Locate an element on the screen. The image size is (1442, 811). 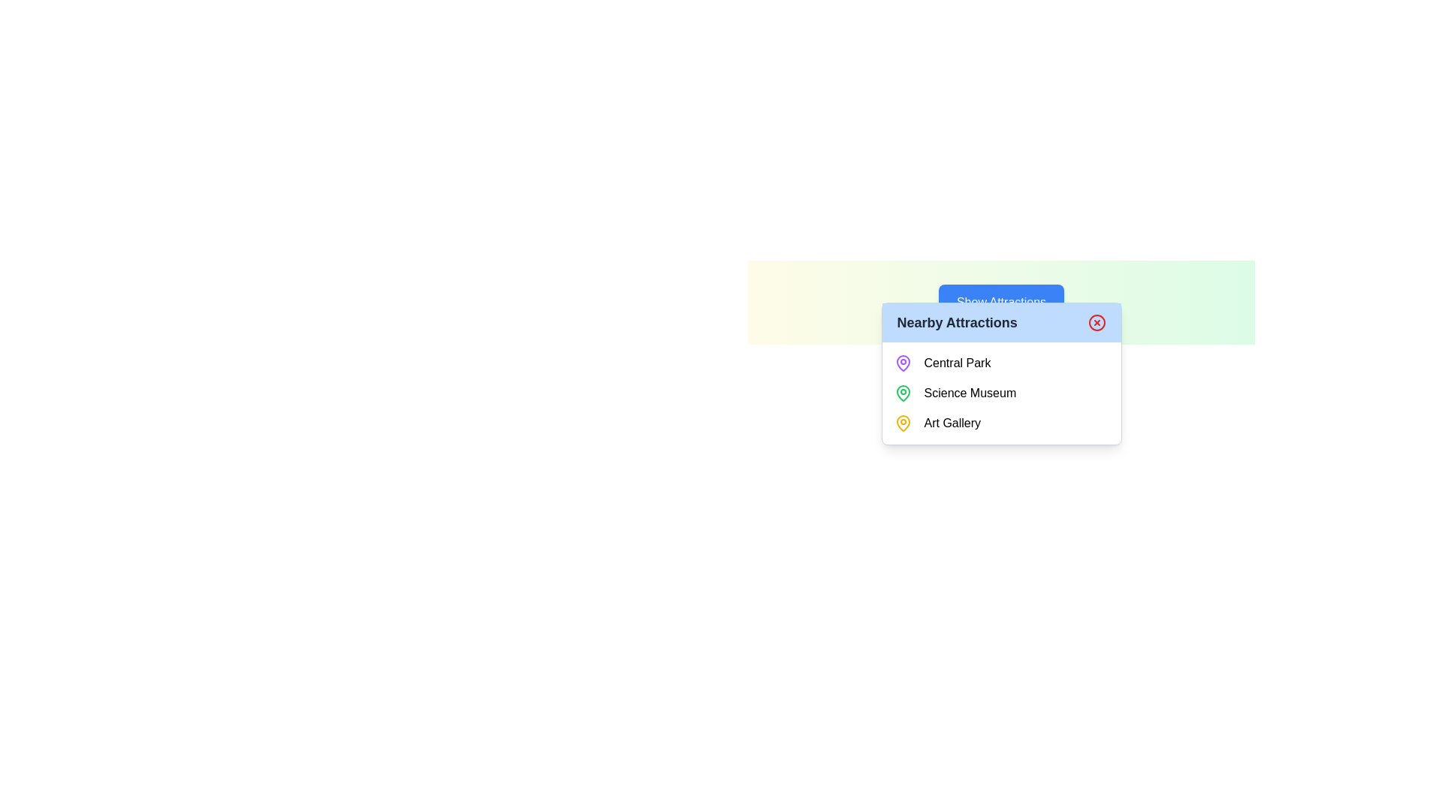
the green pin-shaped icon located to the left of the text 'Science Museum' is located at coordinates (902, 393).